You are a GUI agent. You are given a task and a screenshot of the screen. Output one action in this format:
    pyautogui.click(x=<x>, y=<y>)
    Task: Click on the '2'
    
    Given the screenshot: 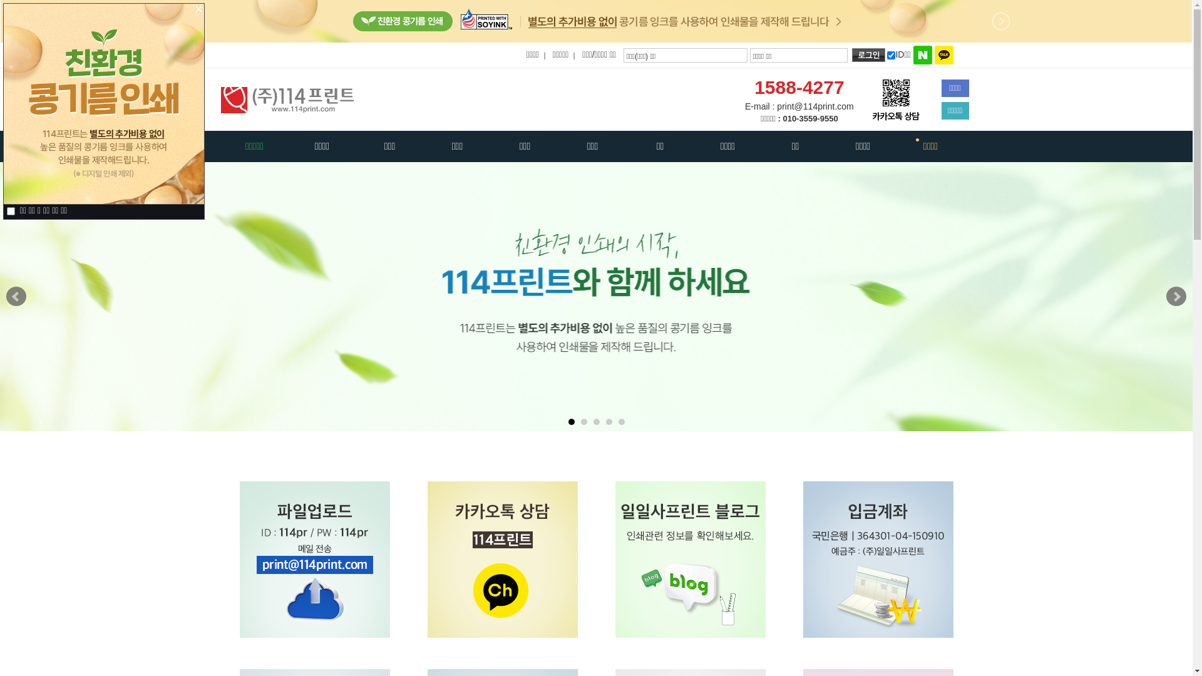 What is the action you would take?
    pyautogui.click(x=583, y=422)
    